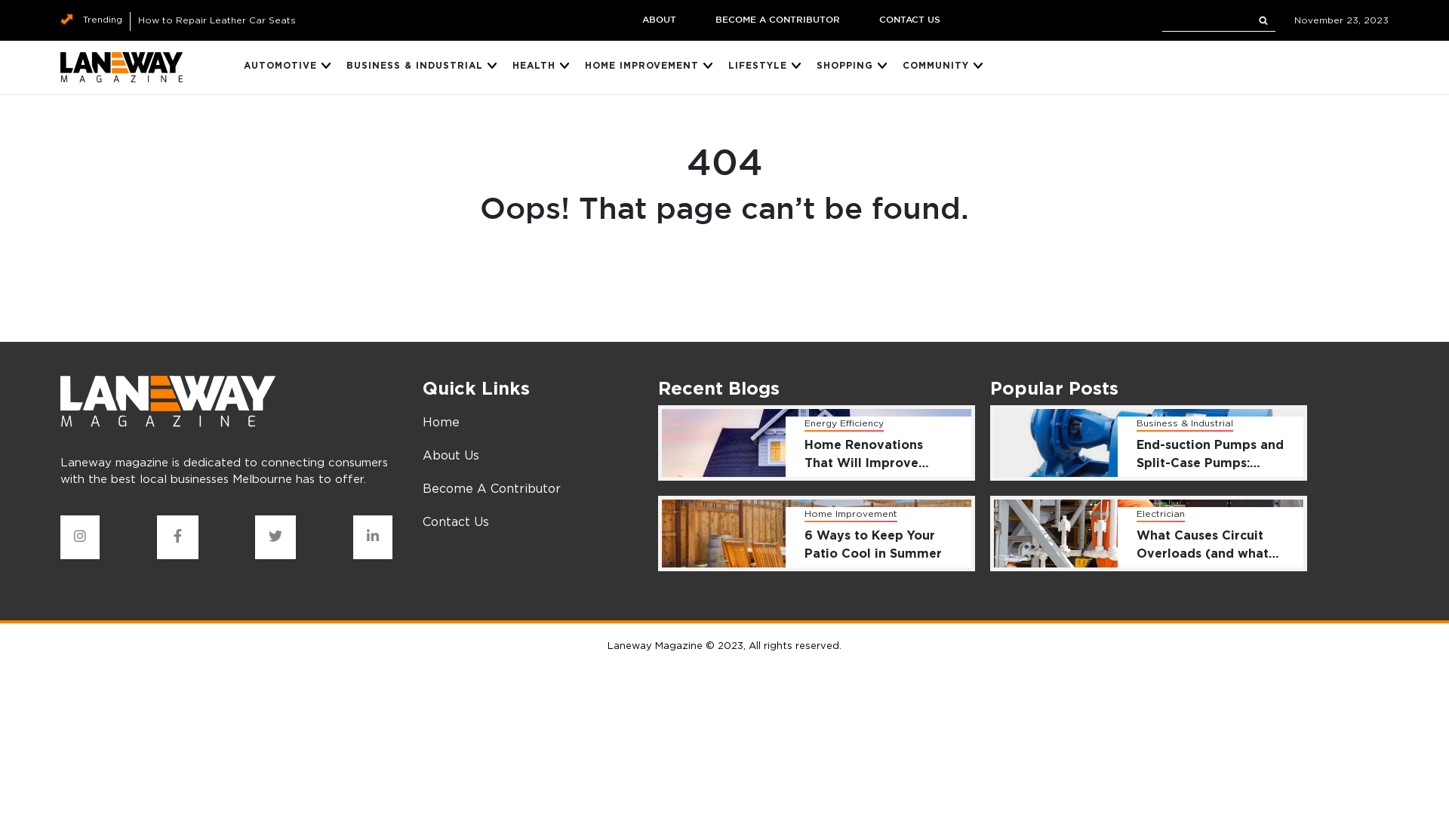  I want to click on 'Skip to content', so click(0, 0).